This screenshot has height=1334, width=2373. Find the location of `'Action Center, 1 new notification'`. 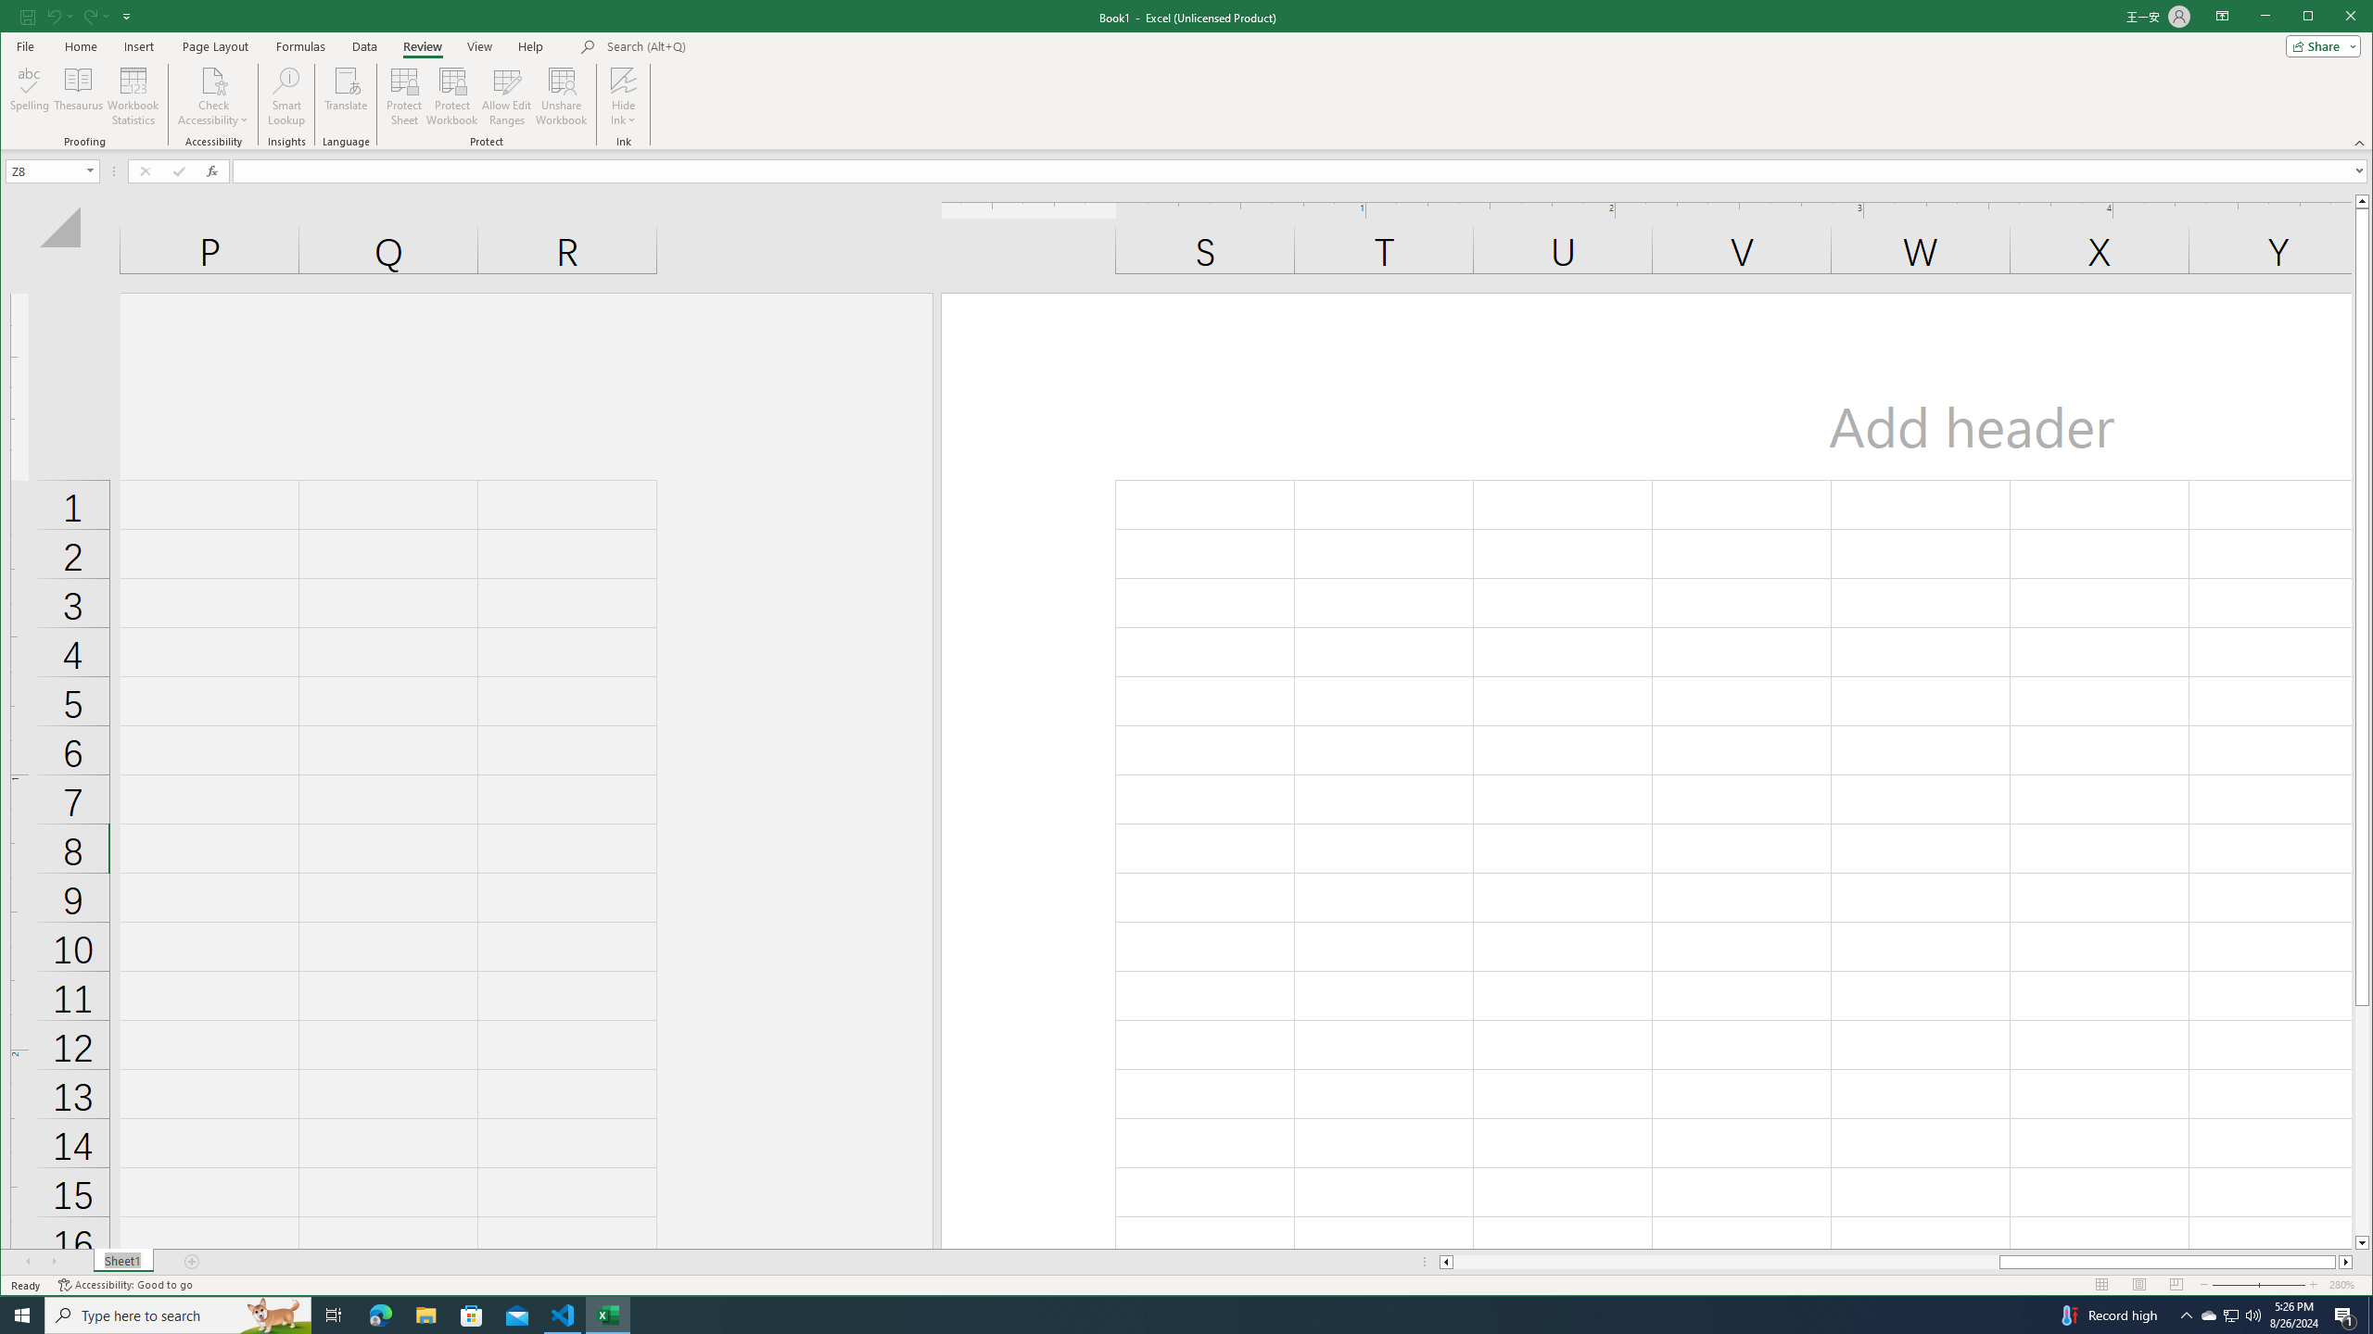

'Action Center, 1 new notification' is located at coordinates (2345, 1314).